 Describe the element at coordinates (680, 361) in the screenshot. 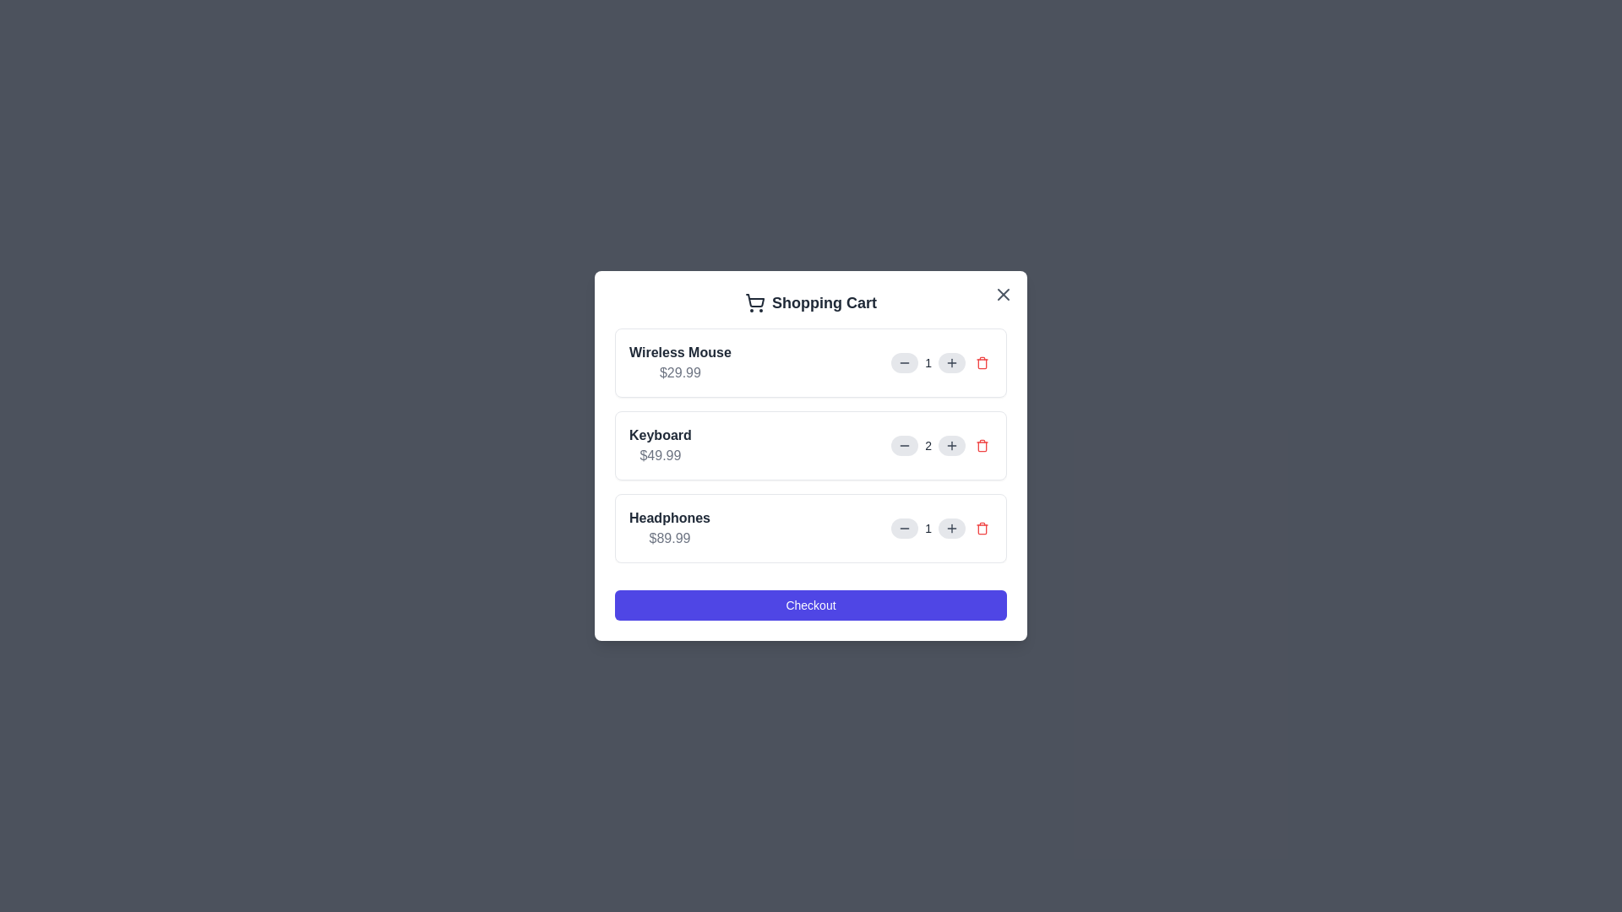

I see `text displayed in the topmost item slot of the shopping cart interface, which provides information about the product added to the cart` at that location.